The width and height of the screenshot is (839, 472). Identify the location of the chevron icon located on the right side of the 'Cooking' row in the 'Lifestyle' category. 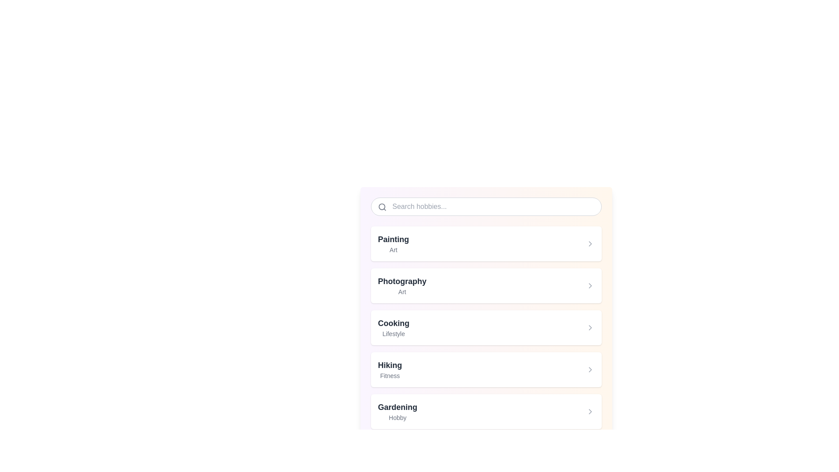
(590, 327).